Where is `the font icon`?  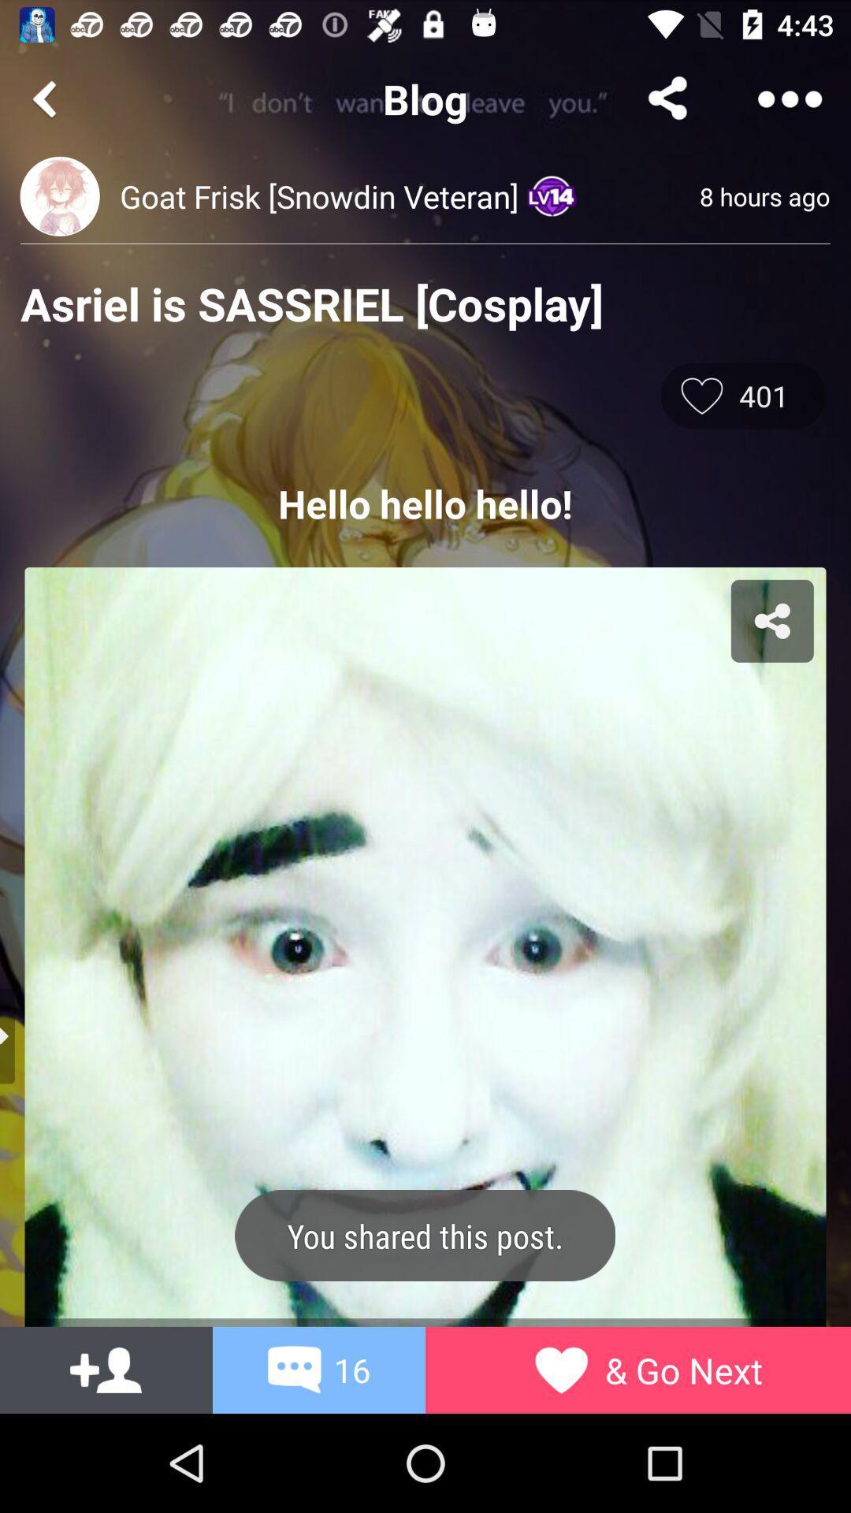
the font icon is located at coordinates (106, 1369).